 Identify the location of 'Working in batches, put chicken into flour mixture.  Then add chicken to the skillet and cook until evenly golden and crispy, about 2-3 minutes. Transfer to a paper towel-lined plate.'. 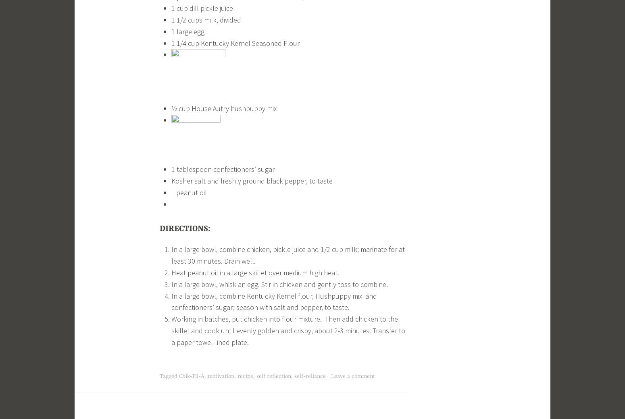
(287, 330).